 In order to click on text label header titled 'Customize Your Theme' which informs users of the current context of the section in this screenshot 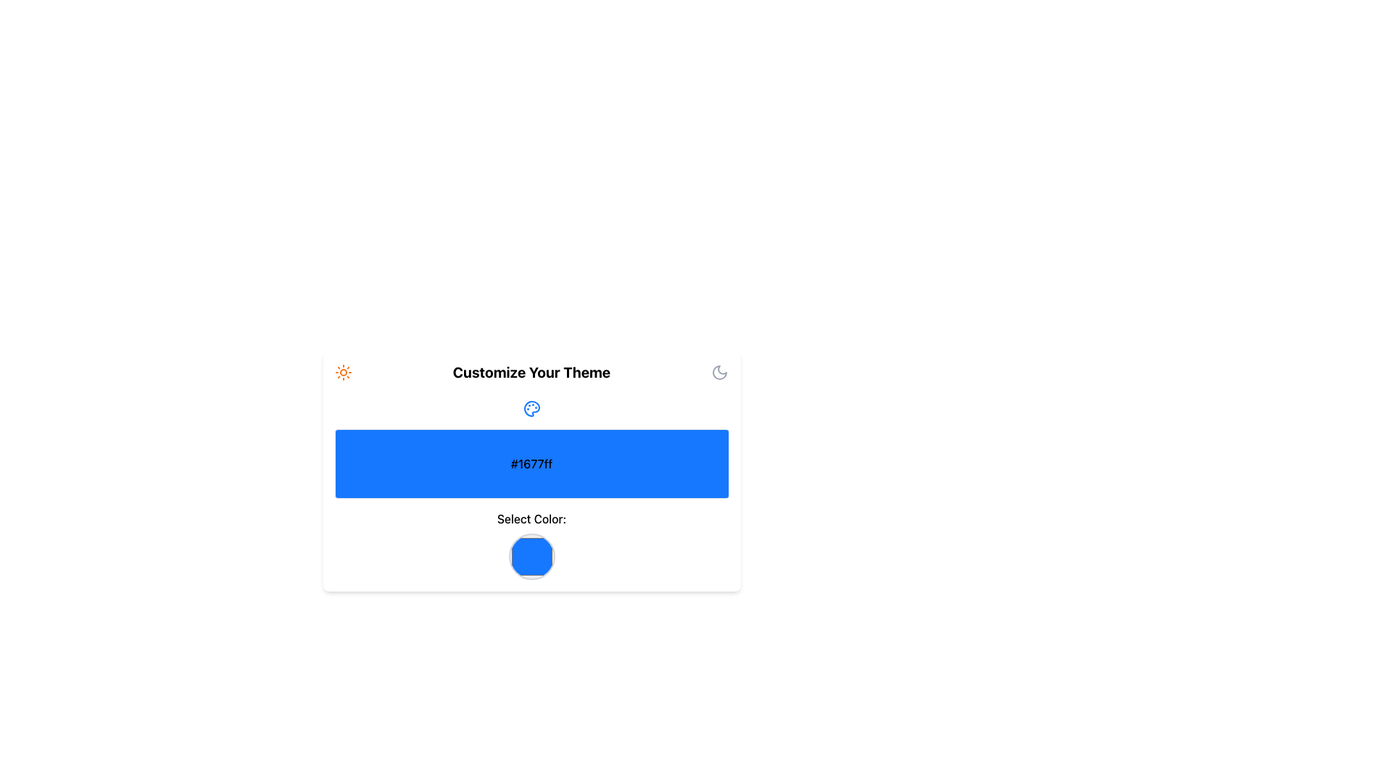, I will do `click(531, 371)`.